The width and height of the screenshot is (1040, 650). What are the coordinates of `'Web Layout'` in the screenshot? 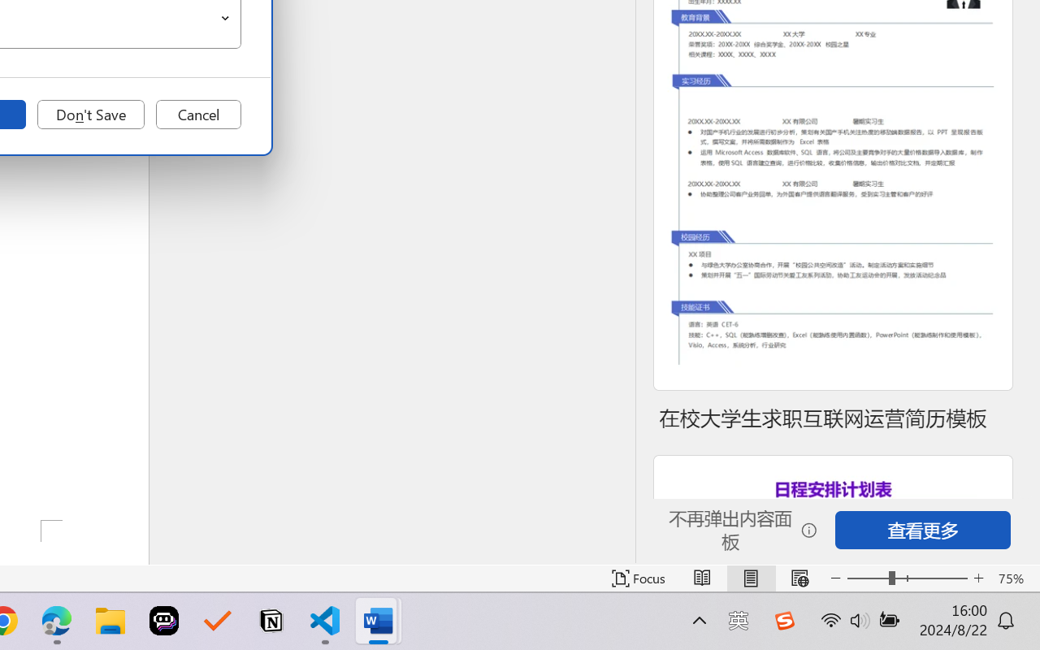 It's located at (799, 578).